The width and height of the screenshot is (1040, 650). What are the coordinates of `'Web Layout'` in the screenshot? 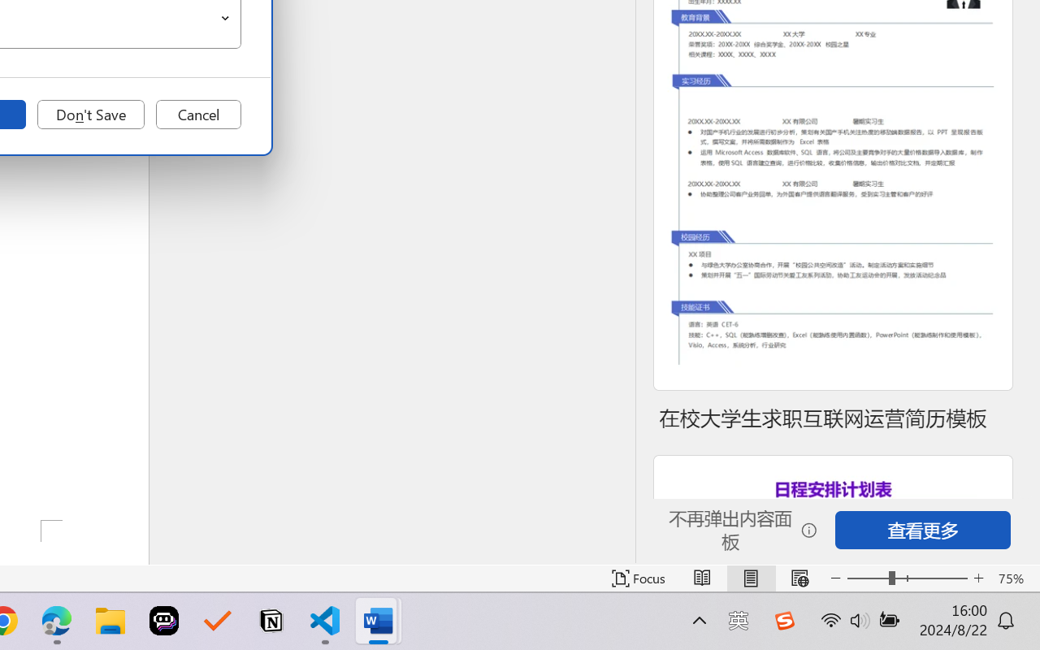 It's located at (799, 578).